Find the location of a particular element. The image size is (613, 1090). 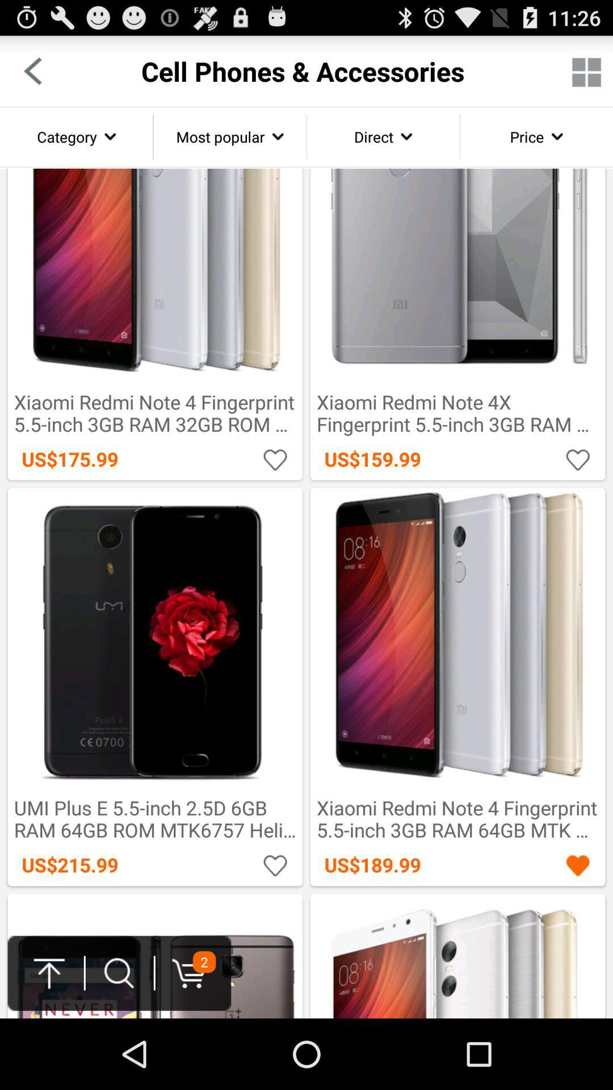

the dashboard icon is located at coordinates (586, 77).